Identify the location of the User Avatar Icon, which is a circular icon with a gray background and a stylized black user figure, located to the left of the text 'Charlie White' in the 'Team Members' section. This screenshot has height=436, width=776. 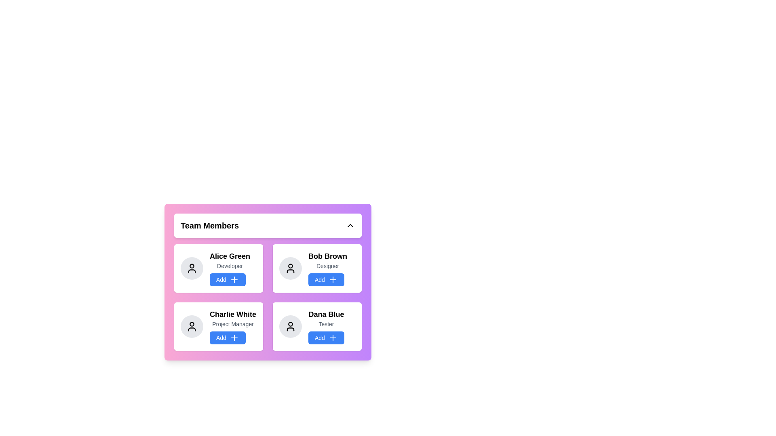
(192, 326).